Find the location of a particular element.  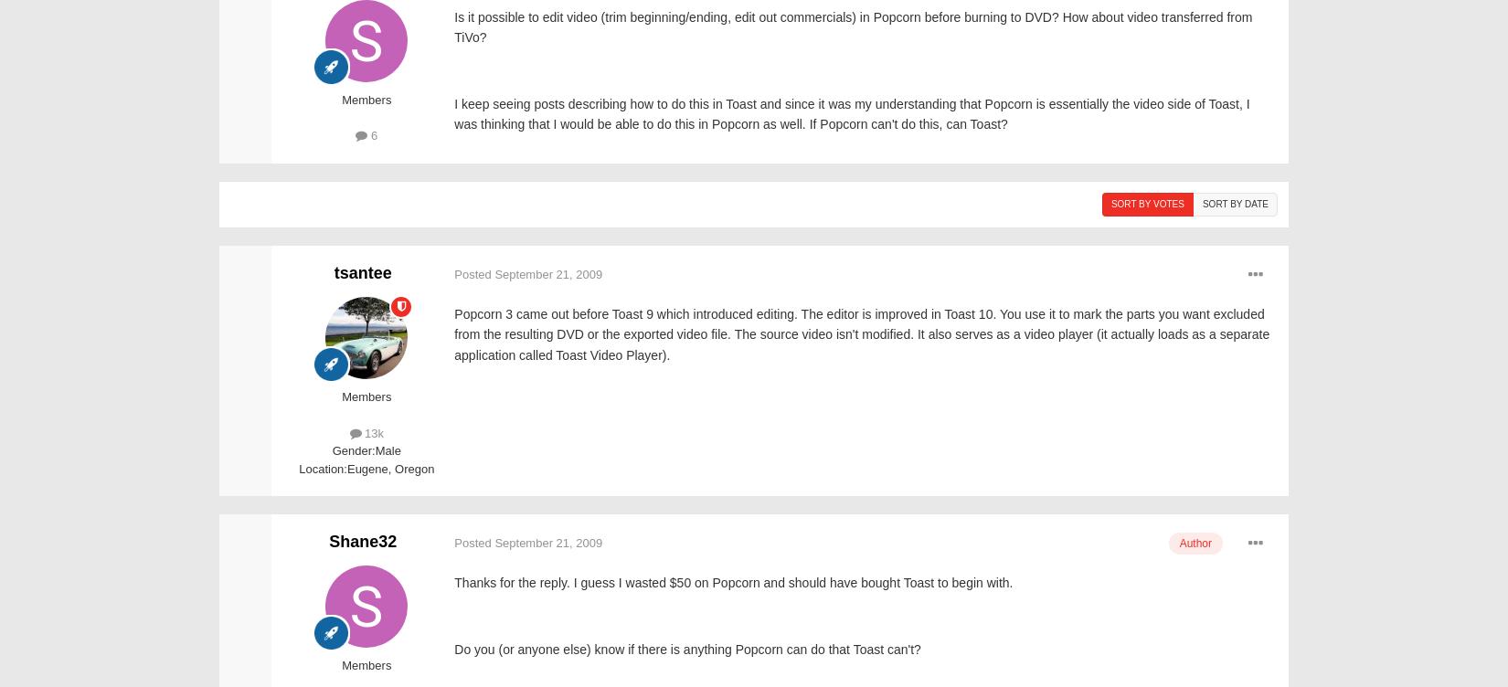

'Gender:' is located at coordinates (353, 449).